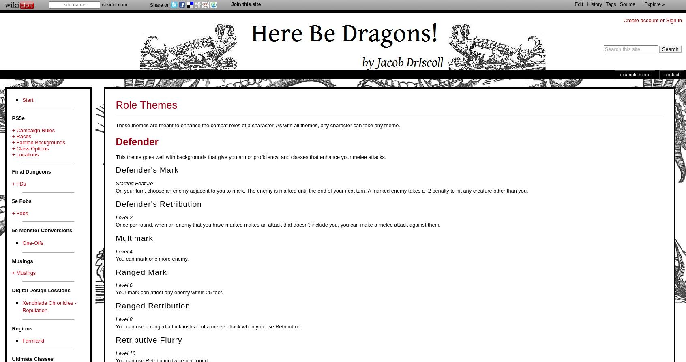  I want to click on 'Create account', so click(640, 20).